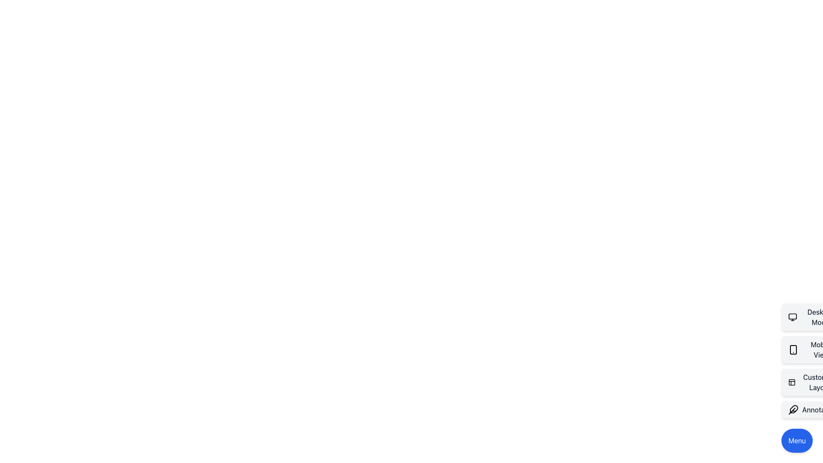 This screenshot has width=823, height=463. I want to click on the 'Menu' button located in the bottom-right corner of the interface, so click(796, 441).